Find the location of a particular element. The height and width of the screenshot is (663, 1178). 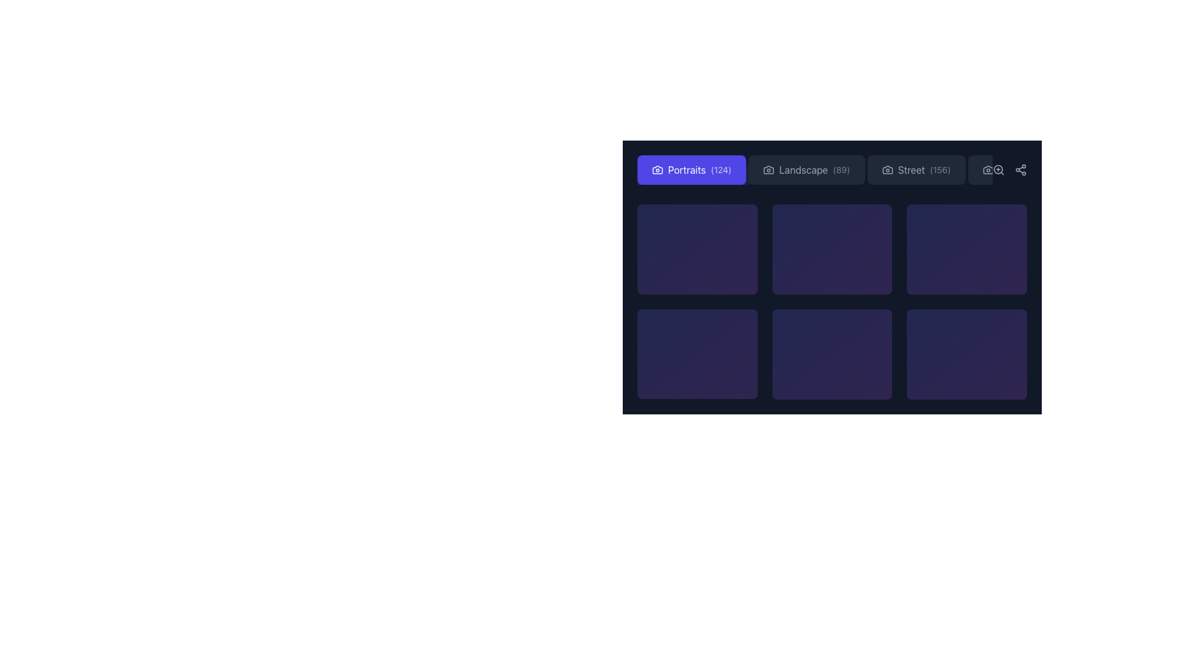

the small camera icon in the toolbar, located at the beginning of the 'Street (156)' button's content layout is located at coordinates (887, 170).